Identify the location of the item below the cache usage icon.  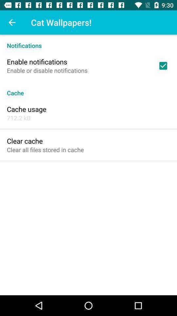
(19, 118).